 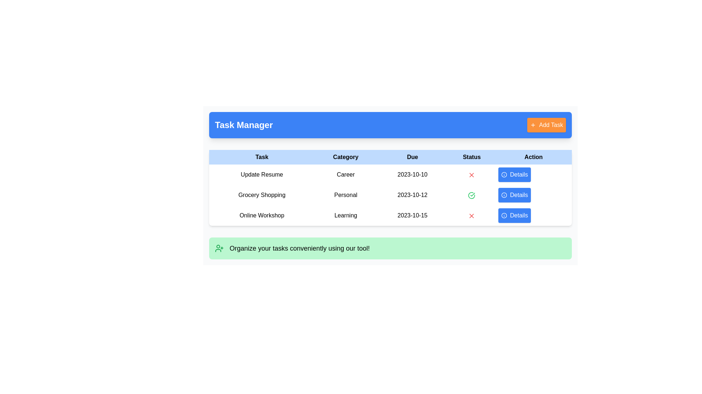 I want to click on the SVG circle graphic component located in the top-right section of the interface, adjacent to the task adding control, so click(x=503, y=174).